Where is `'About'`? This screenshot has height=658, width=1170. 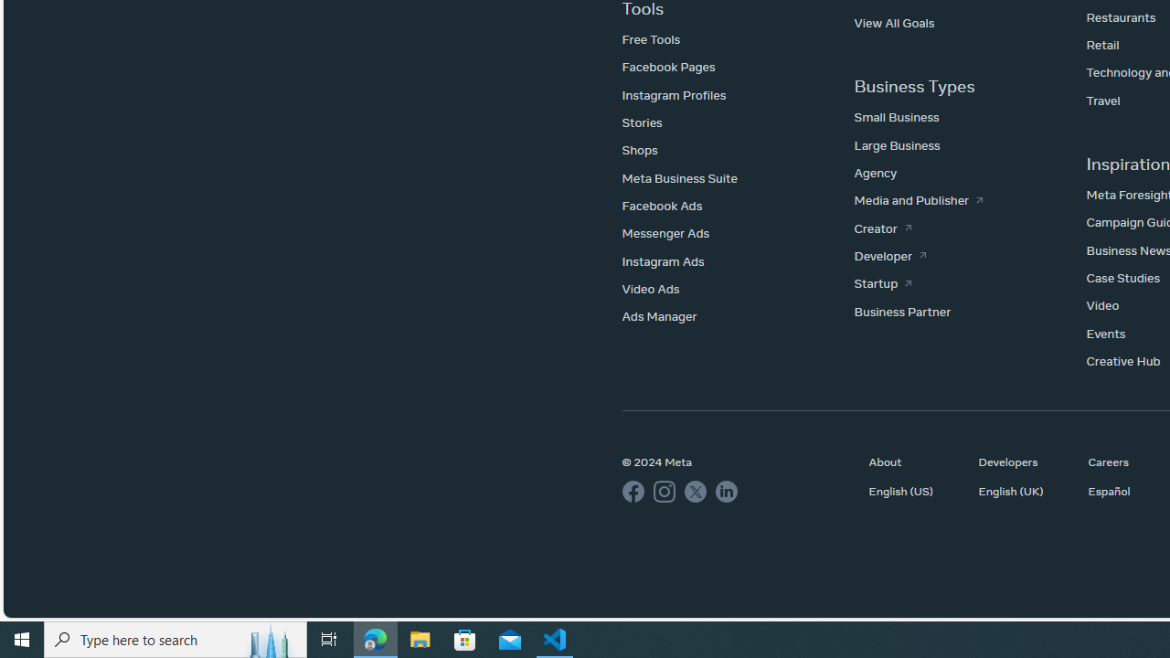 'About' is located at coordinates (914, 461).